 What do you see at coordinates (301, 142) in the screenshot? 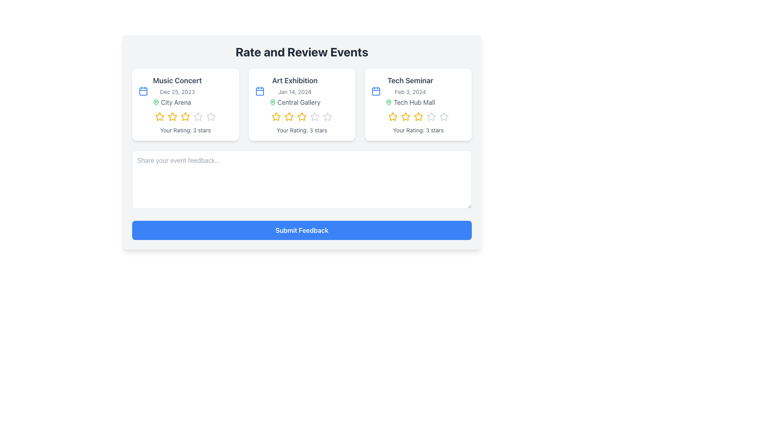
I see `details of the second card in the 'Rate and Review Events' section, which presents information about an art exhibition` at bounding box center [301, 142].